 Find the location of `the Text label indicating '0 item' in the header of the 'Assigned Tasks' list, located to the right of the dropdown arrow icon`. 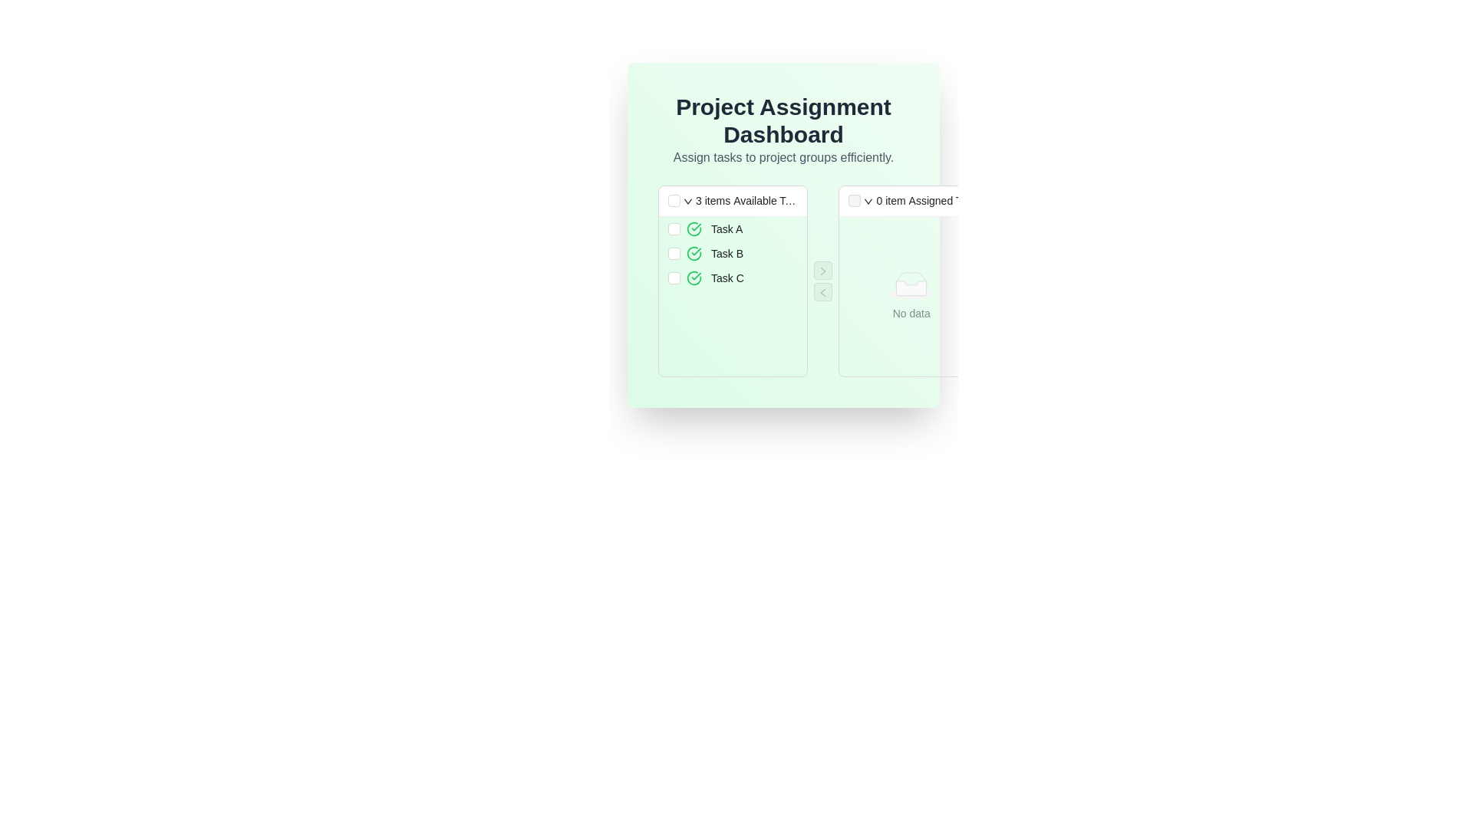

the Text label indicating '0 item' in the header of the 'Assigned Tasks' list, located to the right of the dropdown arrow icon is located at coordinates (891, 200).